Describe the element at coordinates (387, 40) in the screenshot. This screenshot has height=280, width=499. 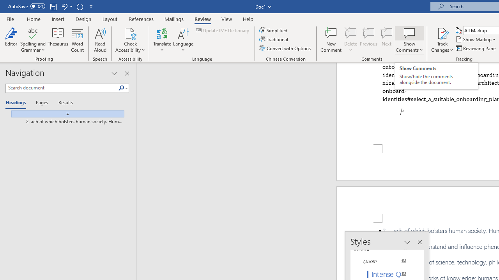
I see `'Next'` at that location.